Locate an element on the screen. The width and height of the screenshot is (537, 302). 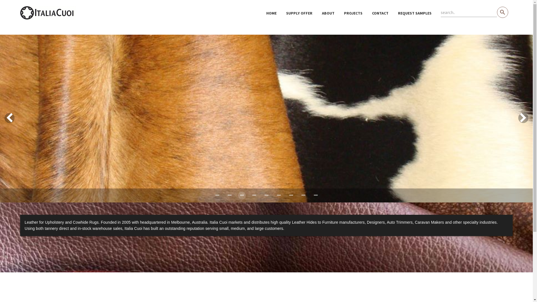
'CONTACT' is located at coordinates (380, 13).